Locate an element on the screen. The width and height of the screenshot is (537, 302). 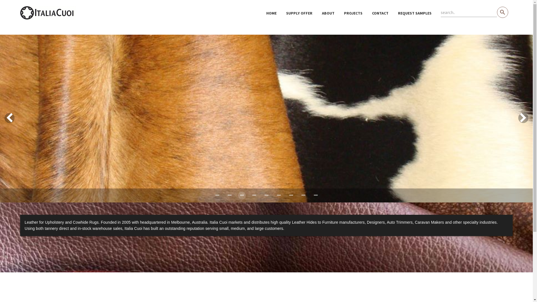
'CONTACT' is located at coordinates (380, 13).